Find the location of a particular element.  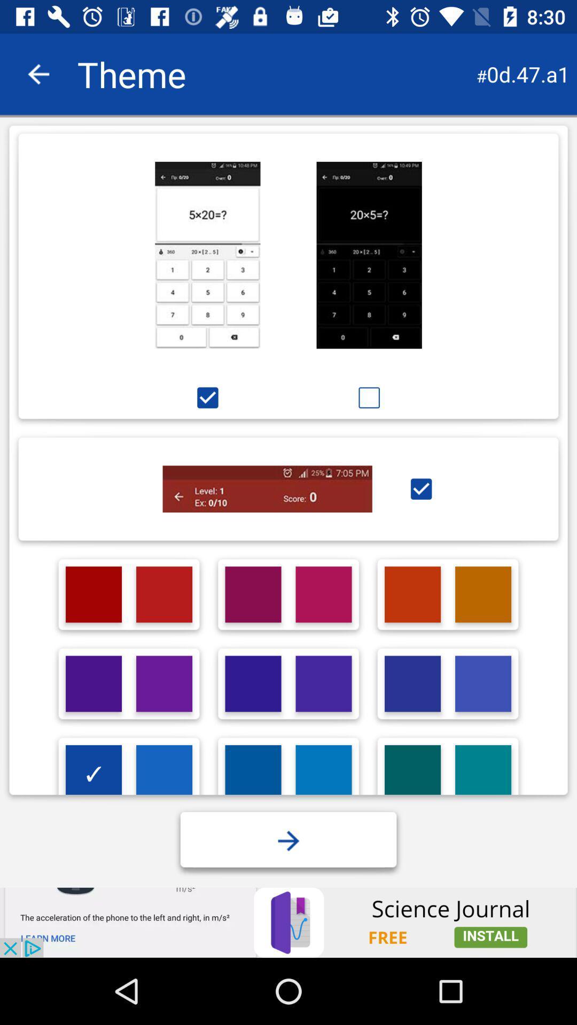

logon is located at coordinates (323, 684).